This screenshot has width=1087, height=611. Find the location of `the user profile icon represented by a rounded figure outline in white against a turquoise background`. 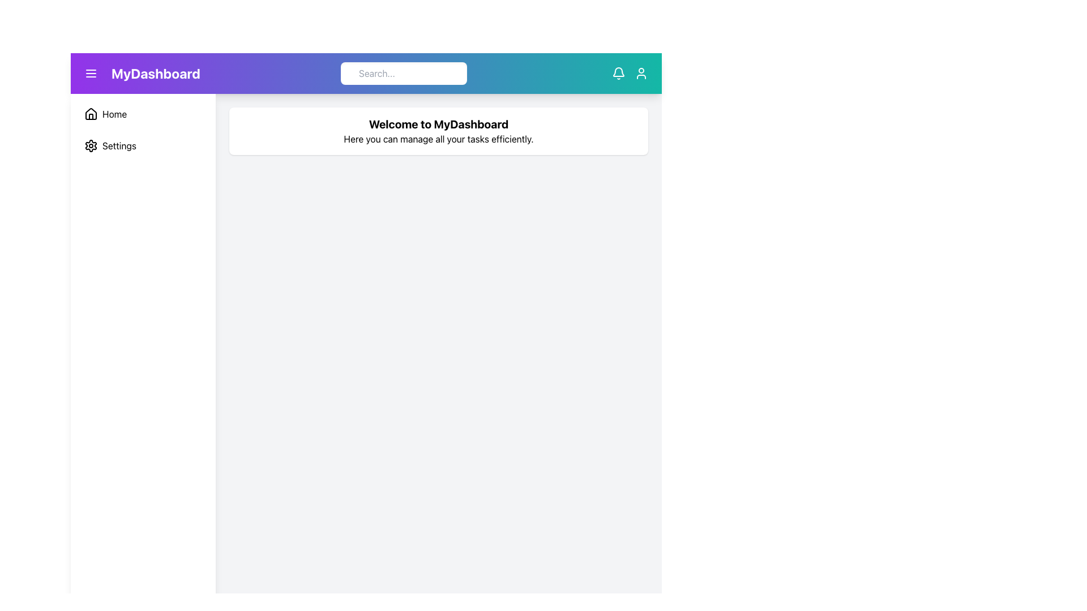

the user profile icon represented by a rounded figure outline in white against a turquoise background is located at coordinates (641, 74).